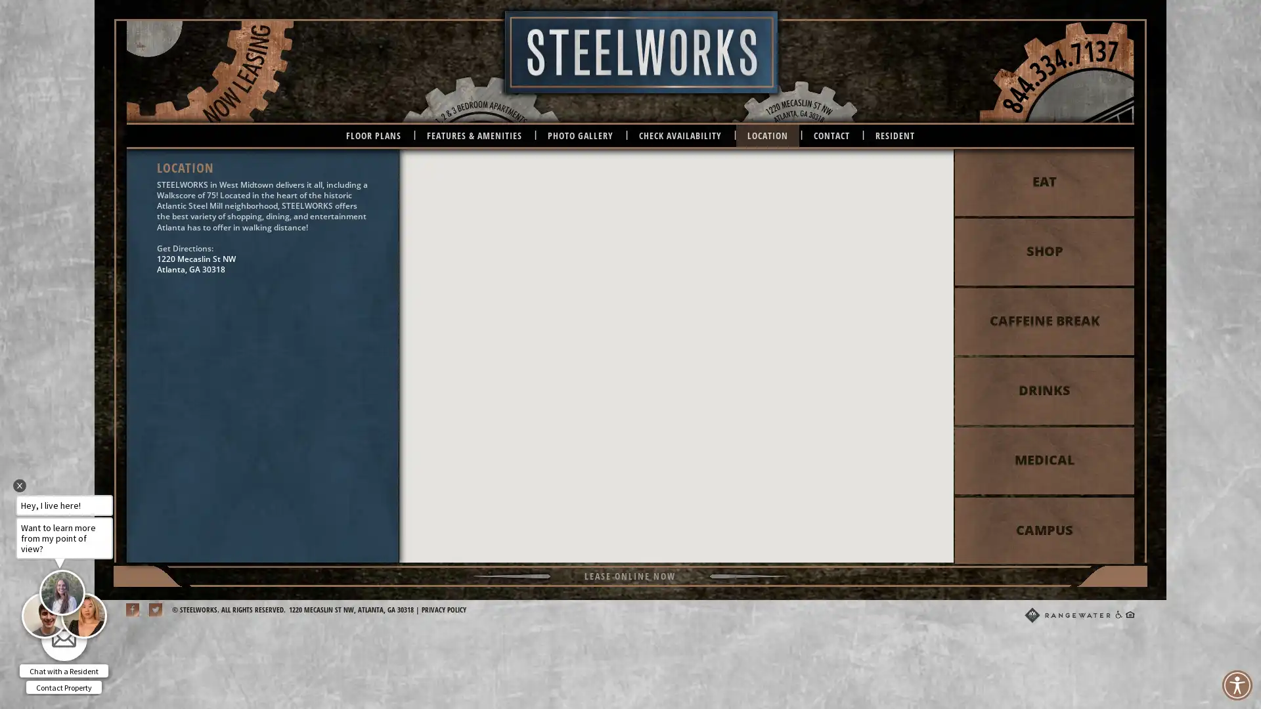 This screenshot has height=709, width=1261. Describe the element at coordinates (932, 167) in the screenshot. I see `Toggle fullscreen view` at that location.